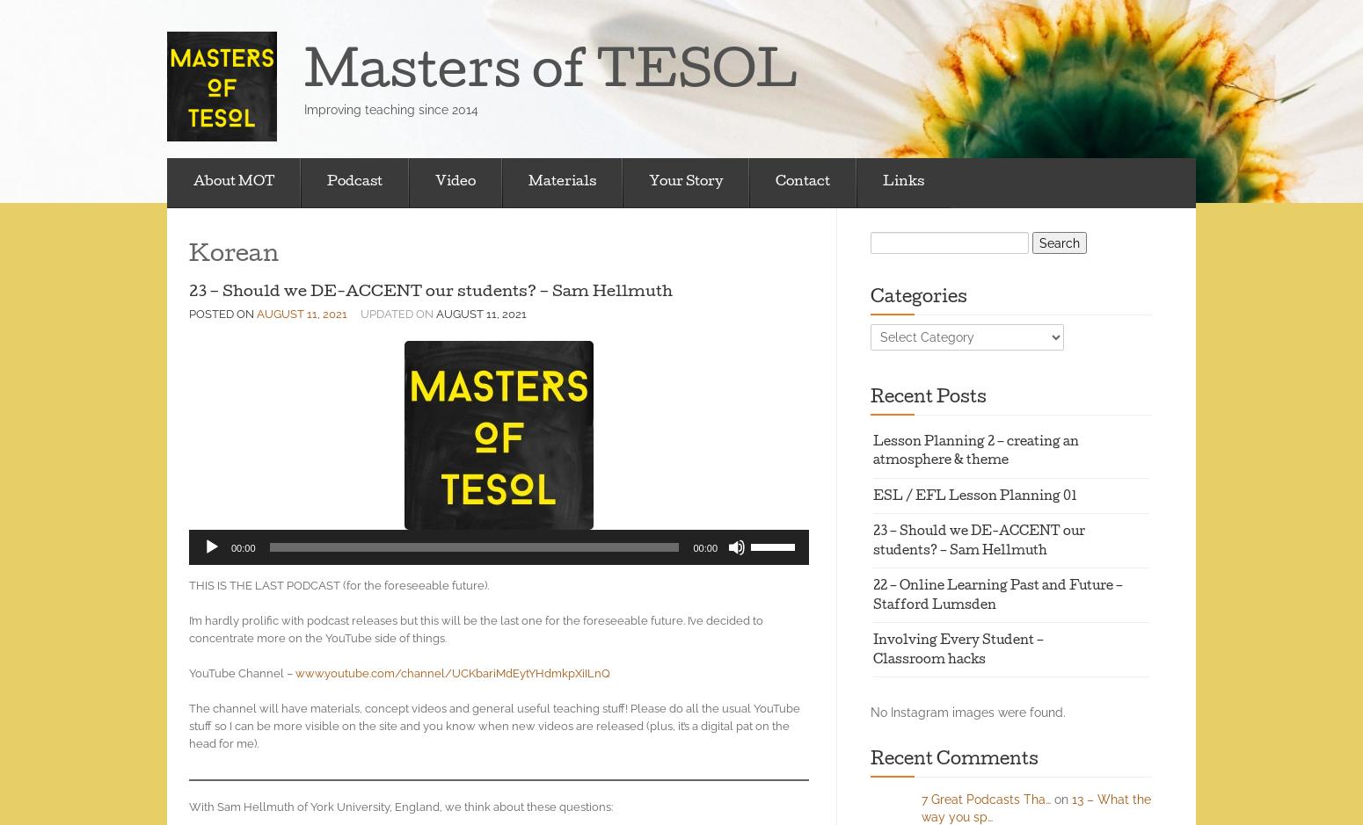 Image resolution: width=1363 pixels, height=825 pixels. What do you see at coordinates (455, 181) in the screenshot?
I see `'Video'` at bounding box center [455, 181].